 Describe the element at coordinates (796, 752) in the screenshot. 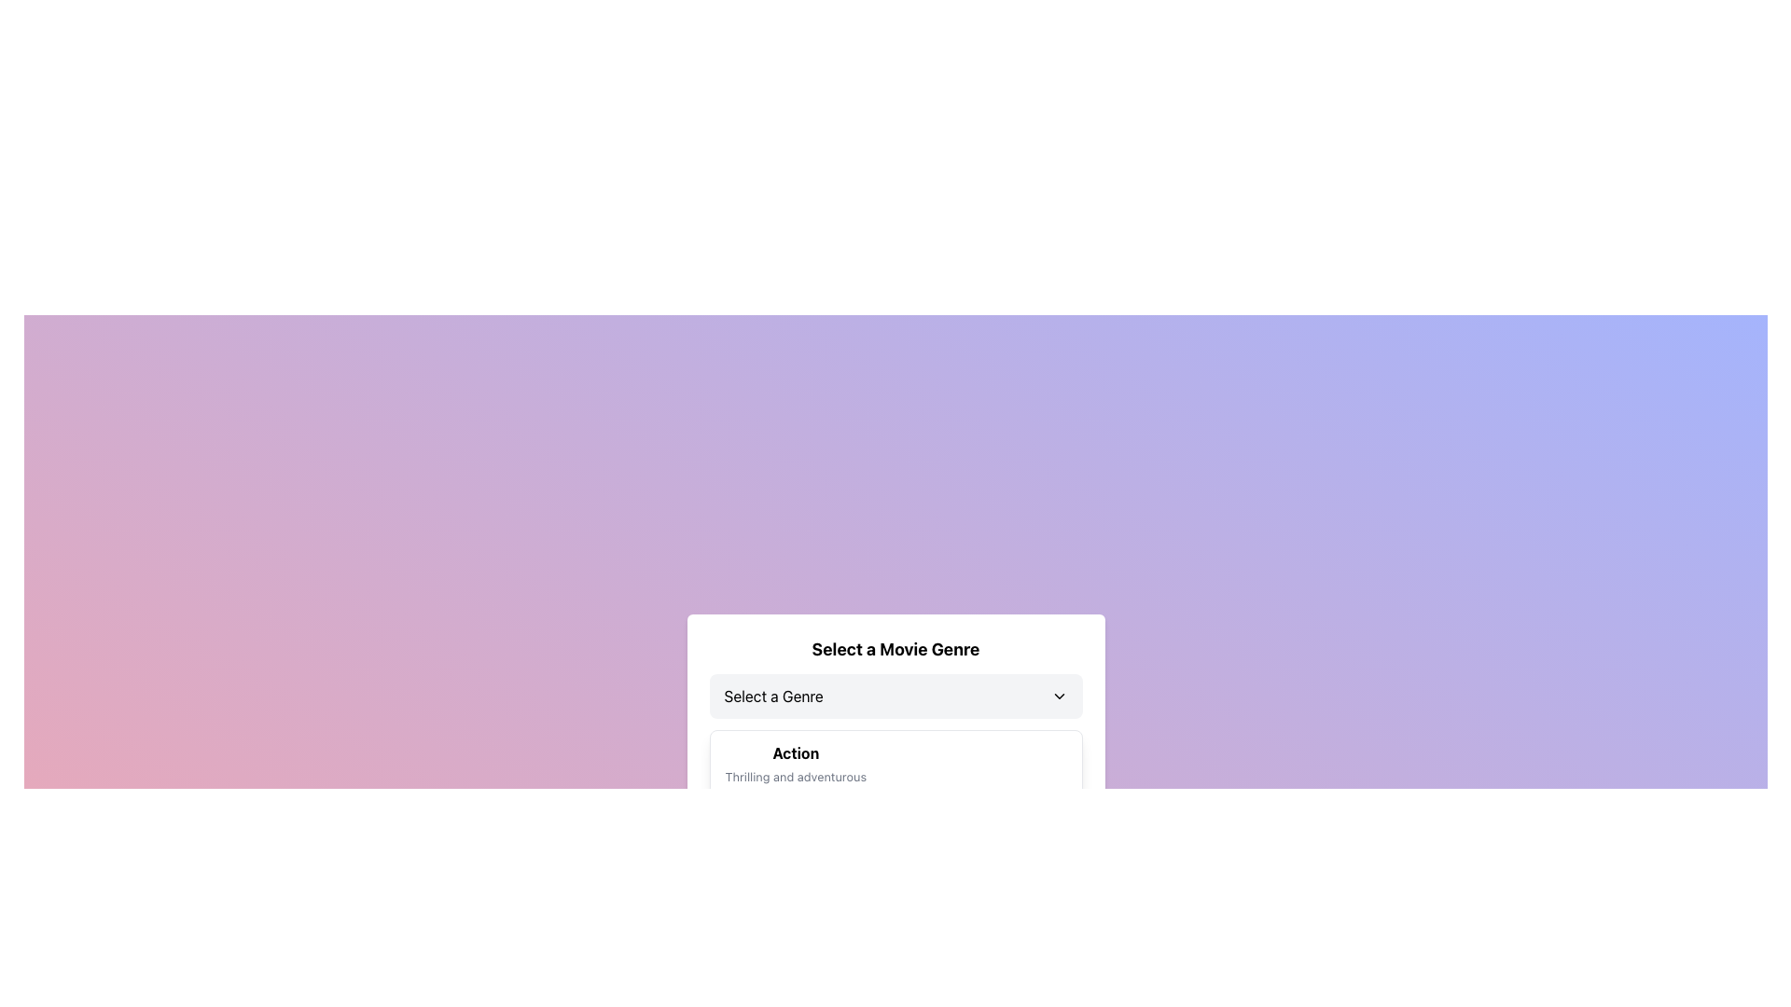

I see `the text label element that displays the word 'Action', which is bold and aligned to the left within its dropdown menu area` at that location.